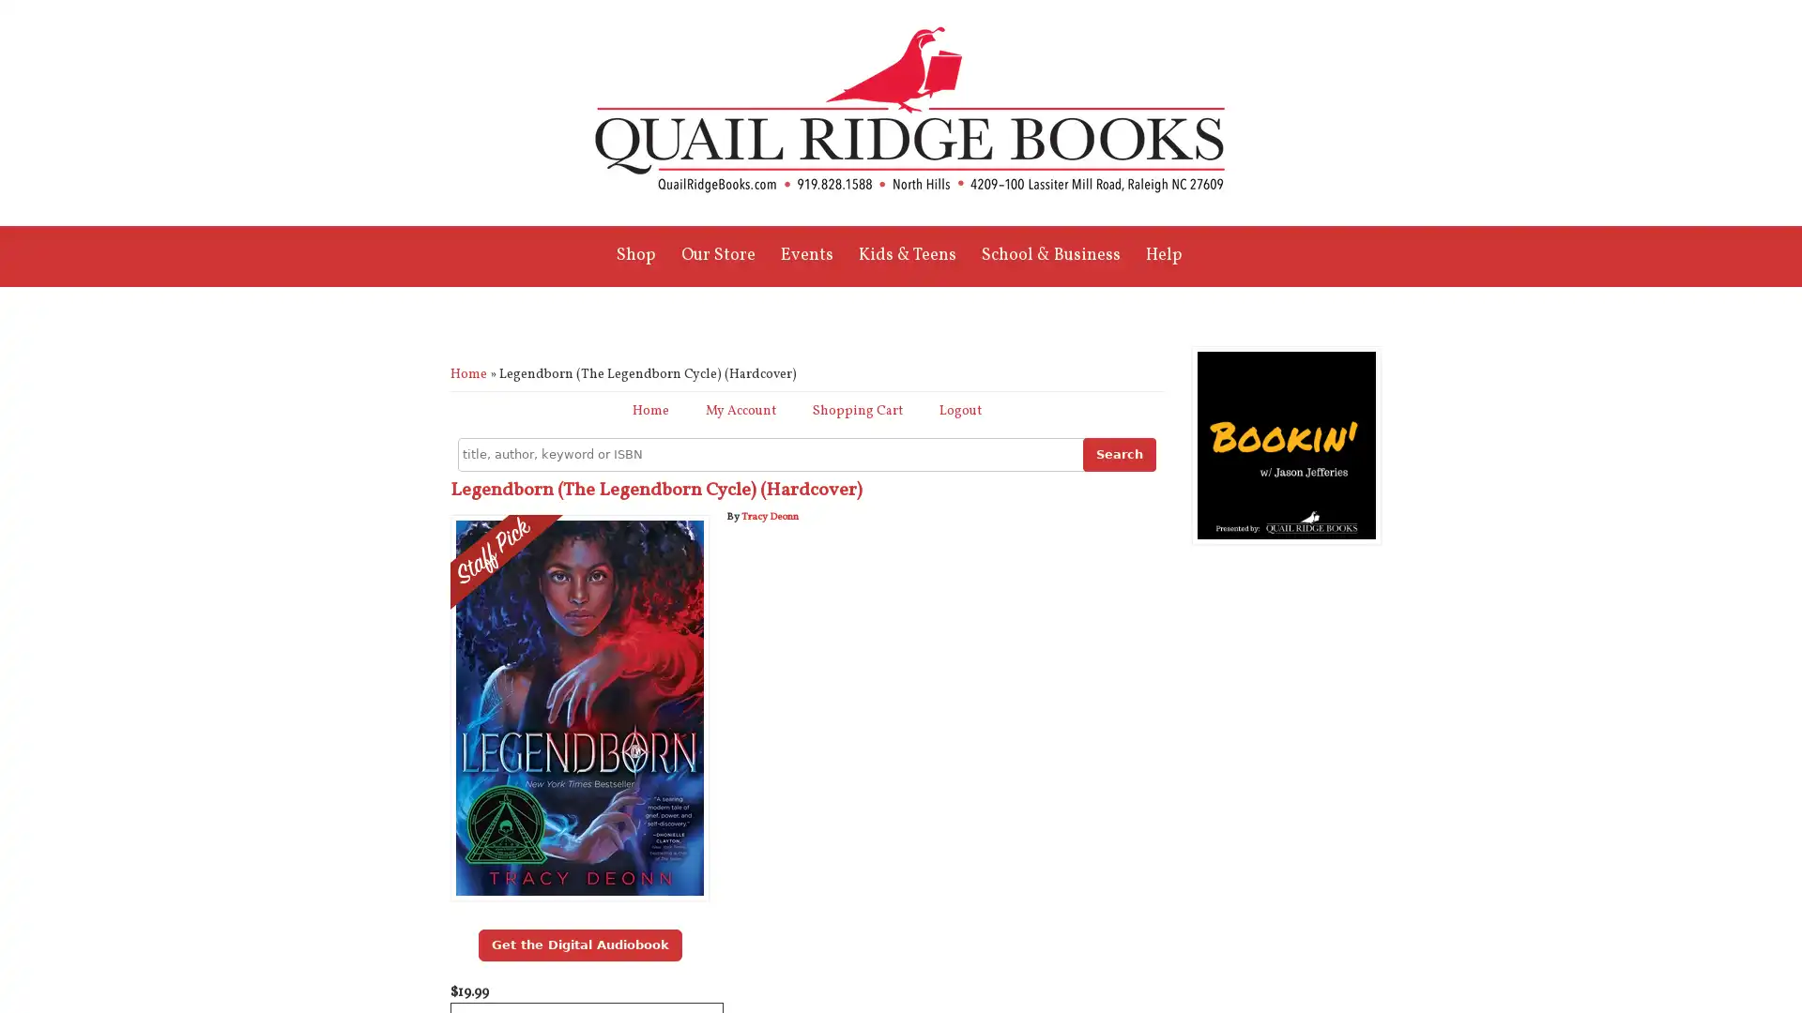 The width and height of the screenshot is (1802, 1013). Describe the element at coordinates (578, 944) in the screenshot. I see `Get the Digital Audiobook` at that location.